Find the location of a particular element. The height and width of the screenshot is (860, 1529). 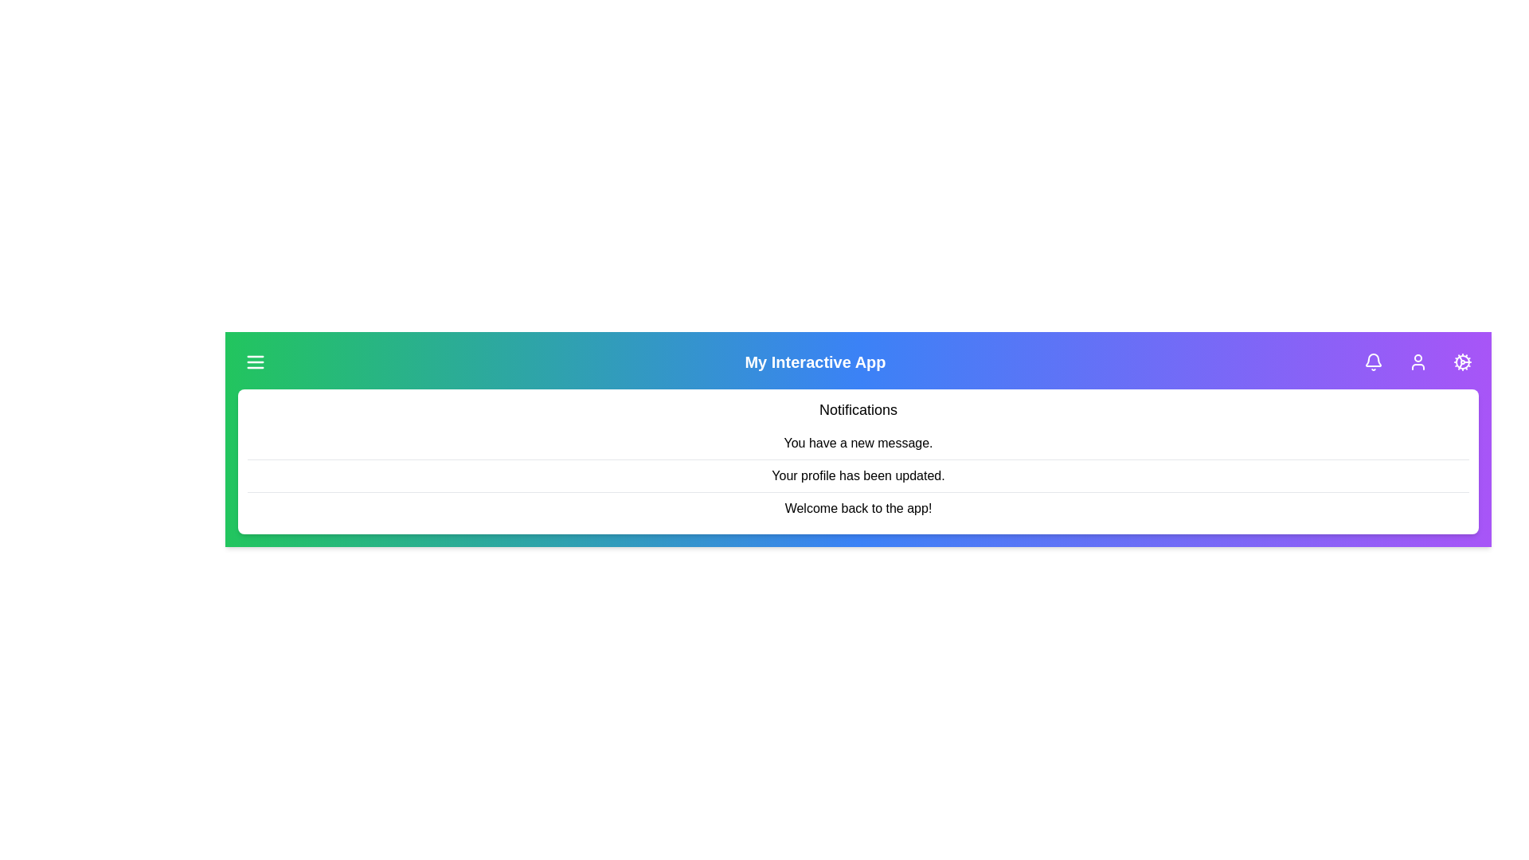

the bell icon to toggle the notification panel visibility is located at coordinates (1372, 362).